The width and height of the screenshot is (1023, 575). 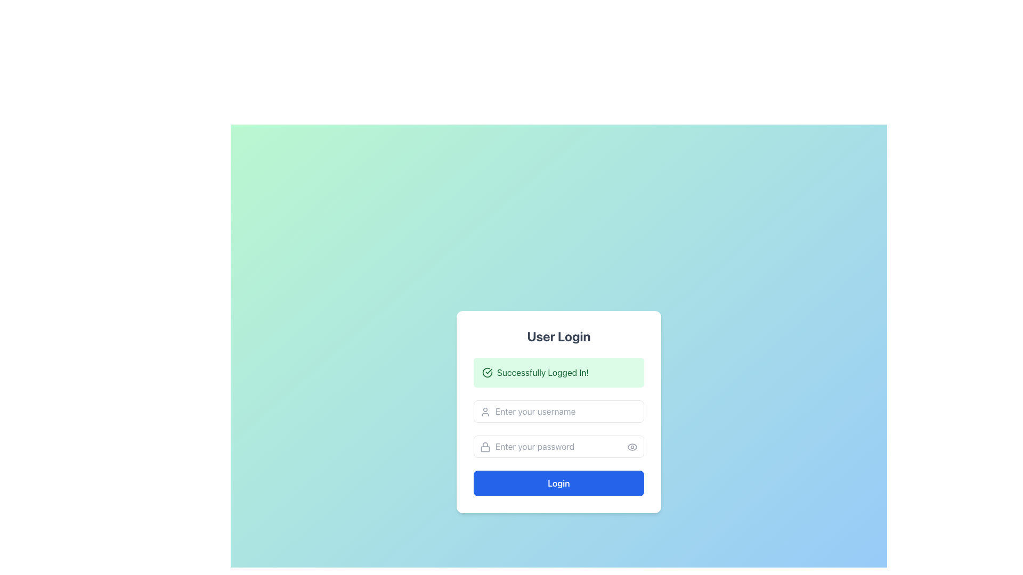 What do you see at coordinates (485, 447) in the screenshot?
I see `the lock icon element, which is light gray with rounded edges and positioned above the password input box, located to the left side near the top edge of the password text box` at bounding box center [485, 447].